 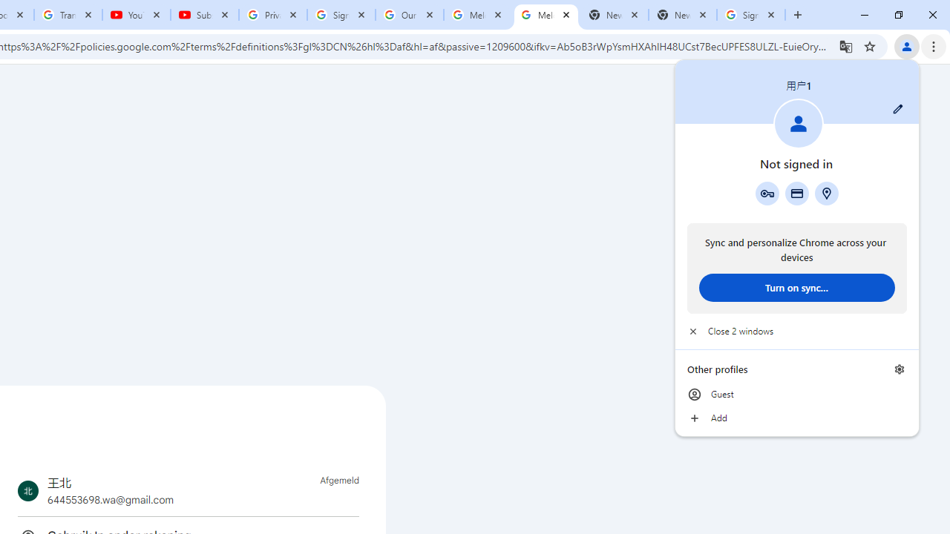 I want to click on 'New Tab', so click(x=682, y=15).